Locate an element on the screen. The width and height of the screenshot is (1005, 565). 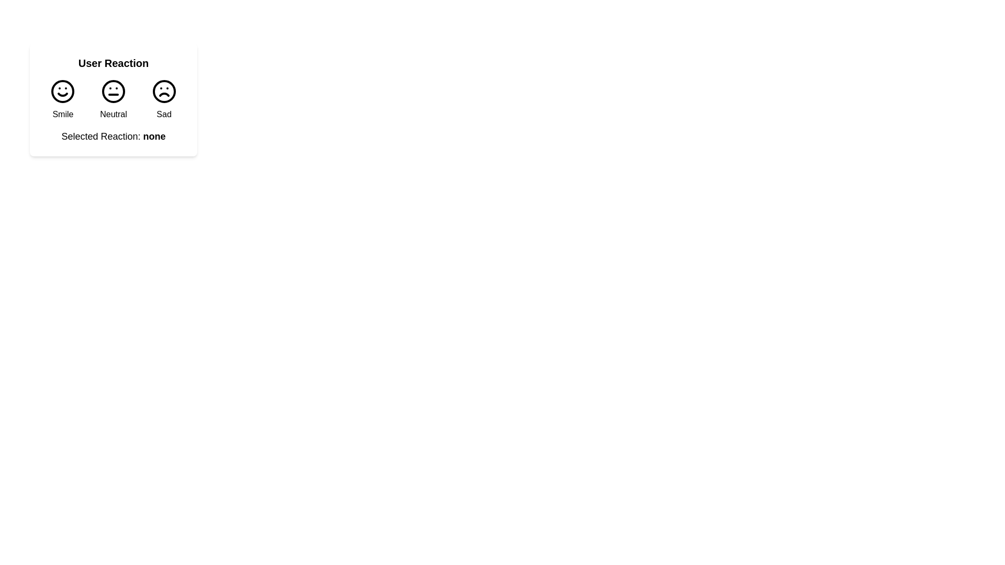
the Circle SVG element that represents the sad face icon, which is the third icon in the horizontal row of three reaction icons is located at coordinates (163, 91).